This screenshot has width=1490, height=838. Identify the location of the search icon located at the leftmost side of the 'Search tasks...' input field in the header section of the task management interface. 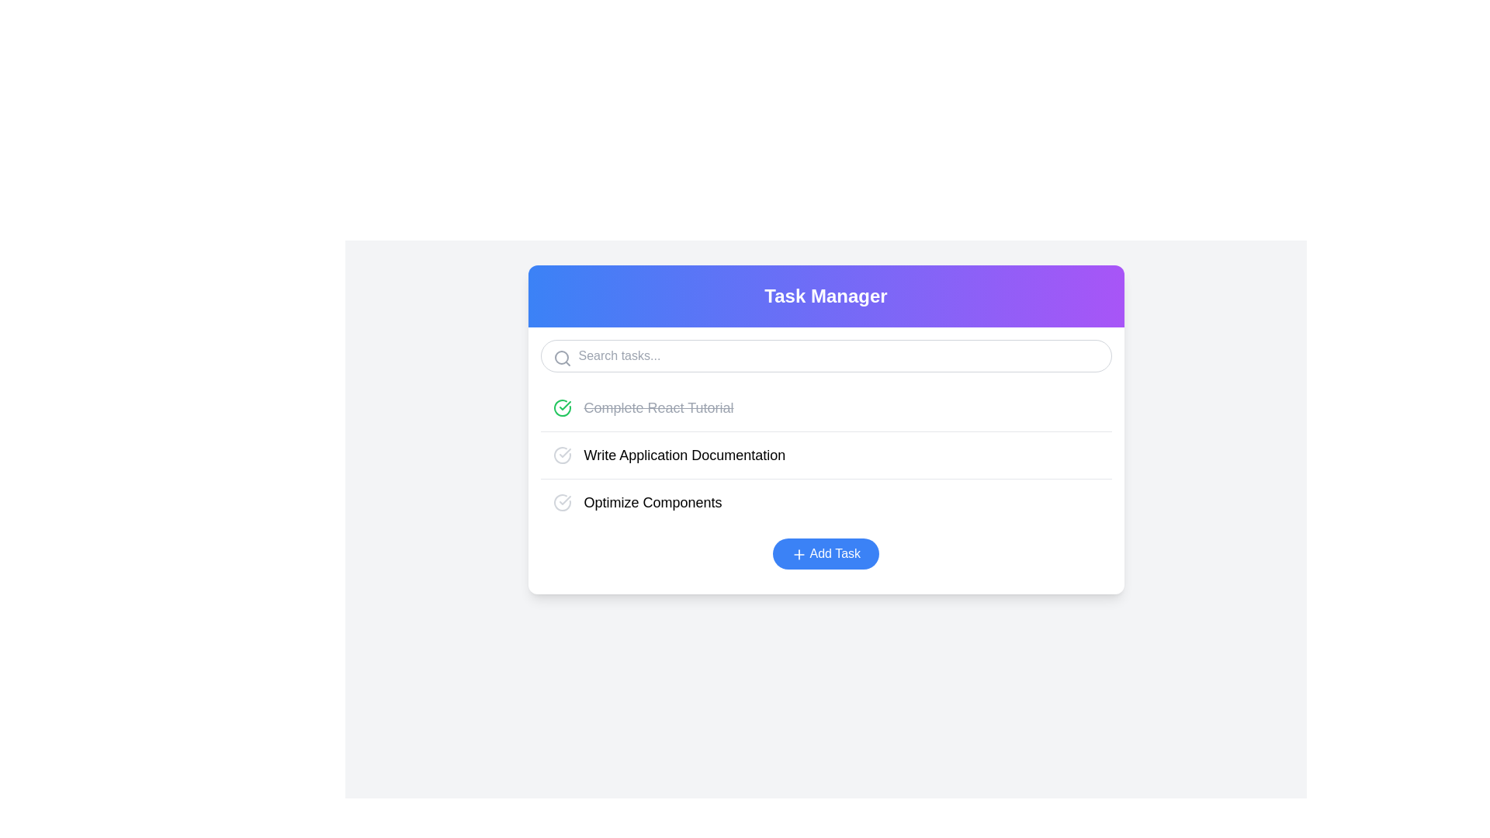
(561, 358).